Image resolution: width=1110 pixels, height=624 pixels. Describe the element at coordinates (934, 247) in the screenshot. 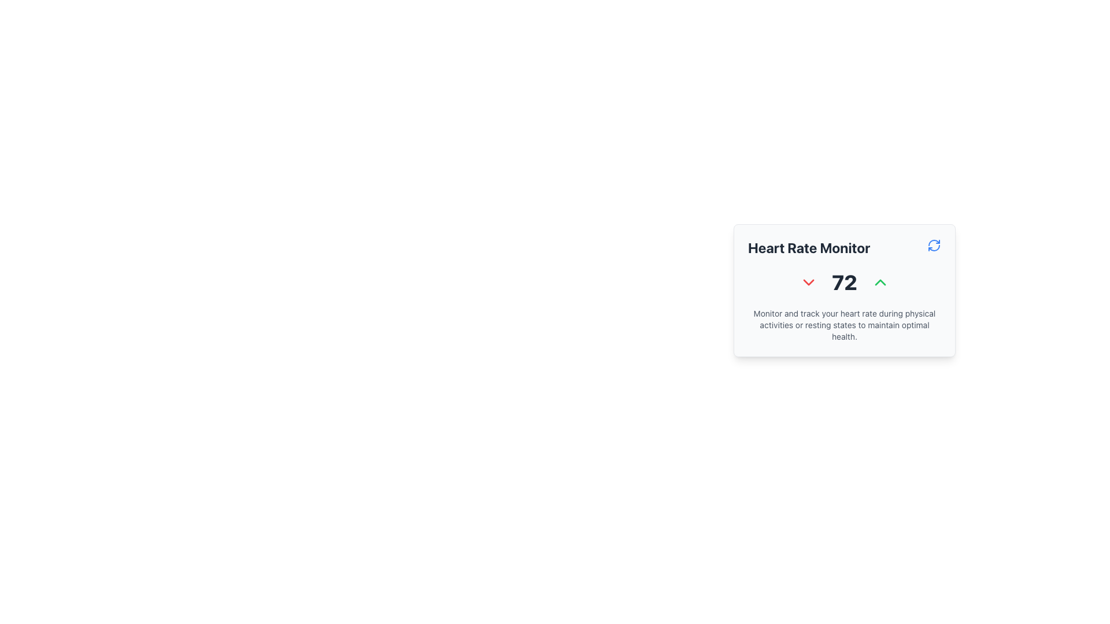

I see `the bottom-right portion of the circular arrow icon indicating a refresh action, which is colored blue and located in the top-right corner of the heart rate monitoring card` at that location.